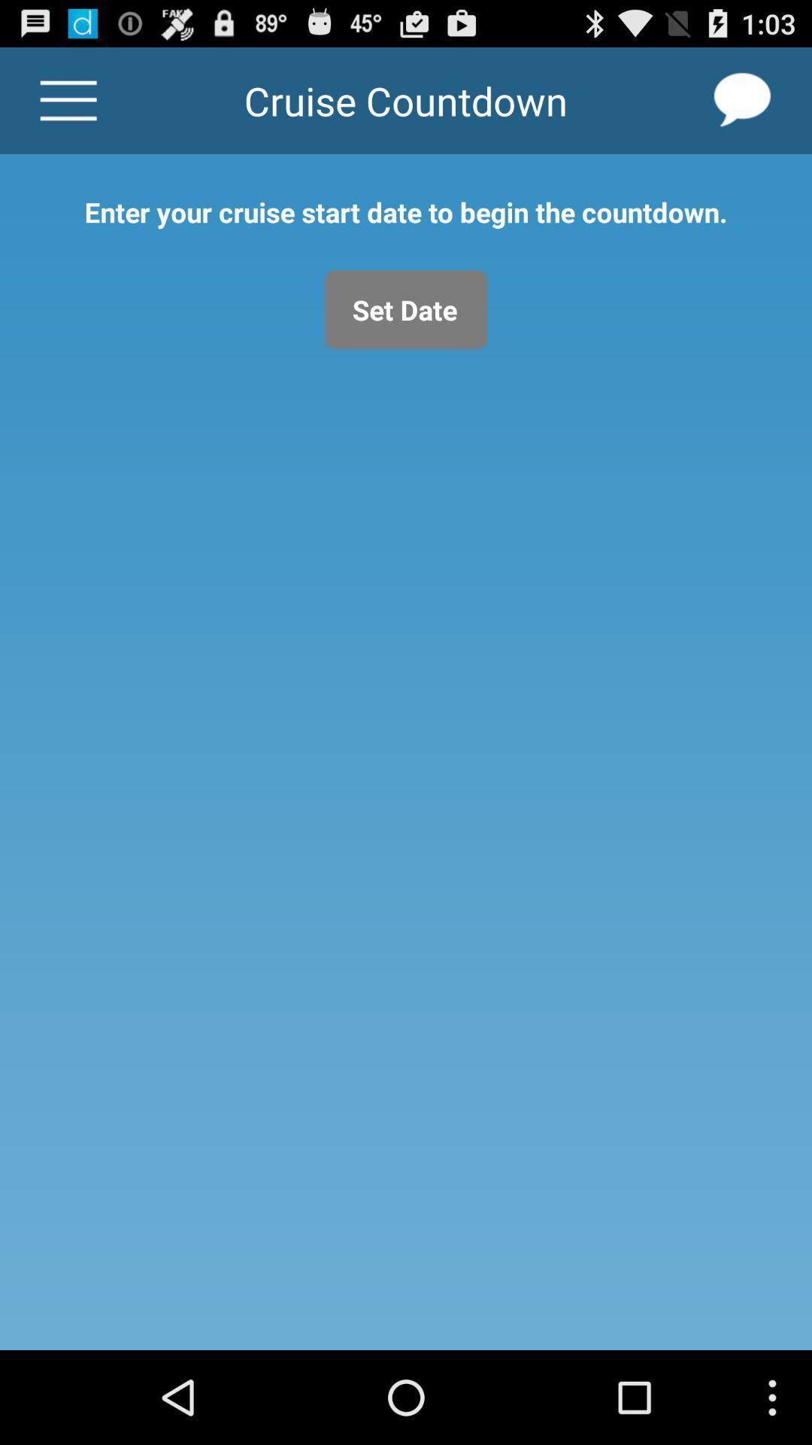 The image size is (812, 1445). I want to click on set date icon, so click(406, 309).